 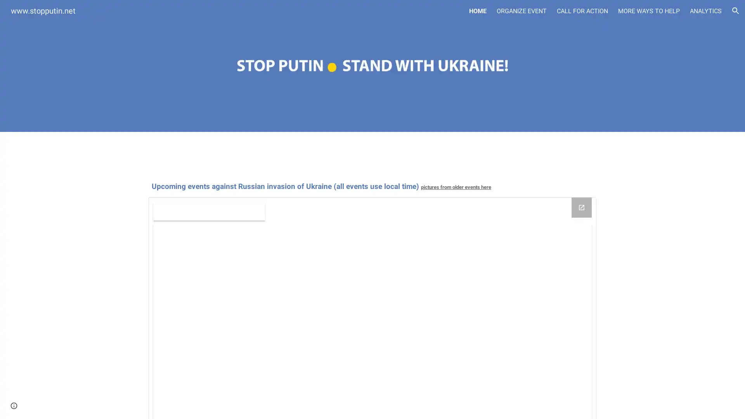 I want to click on Site actions, so click(x=14, y=405).